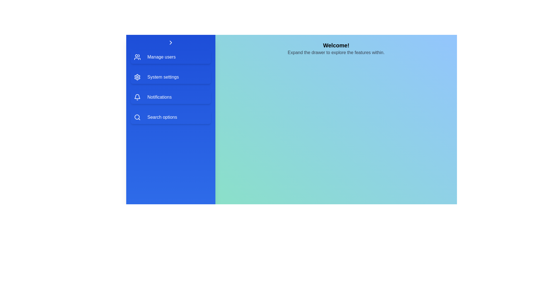  Describe the element at coordinates (171, 57) in the screenshot. I see `the menu item Manage users to preview its interaction` at that location.